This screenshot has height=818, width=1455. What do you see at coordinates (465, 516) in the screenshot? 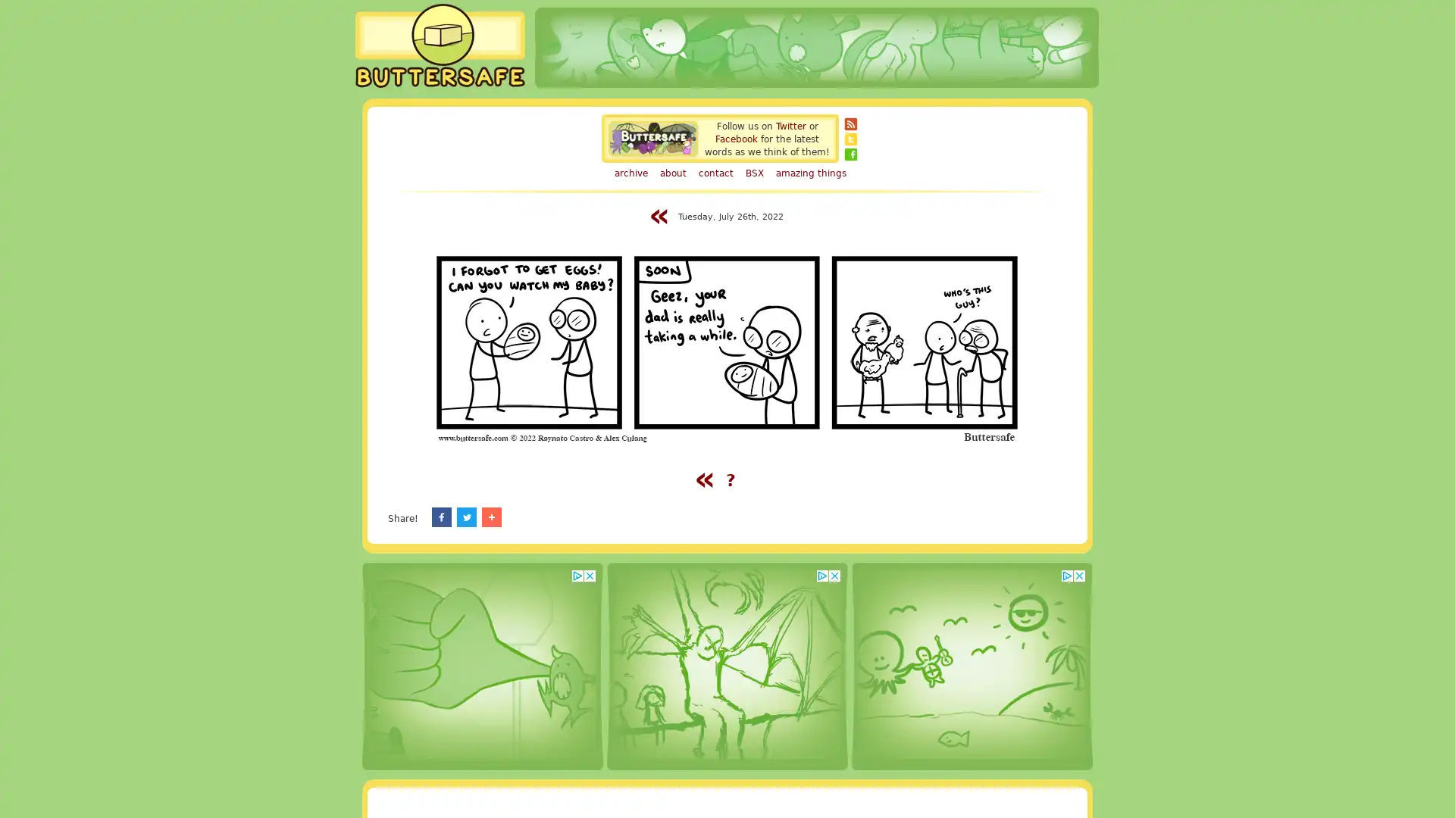
I see `Share to Facebook Facebook` at bounding box center [465, 516].